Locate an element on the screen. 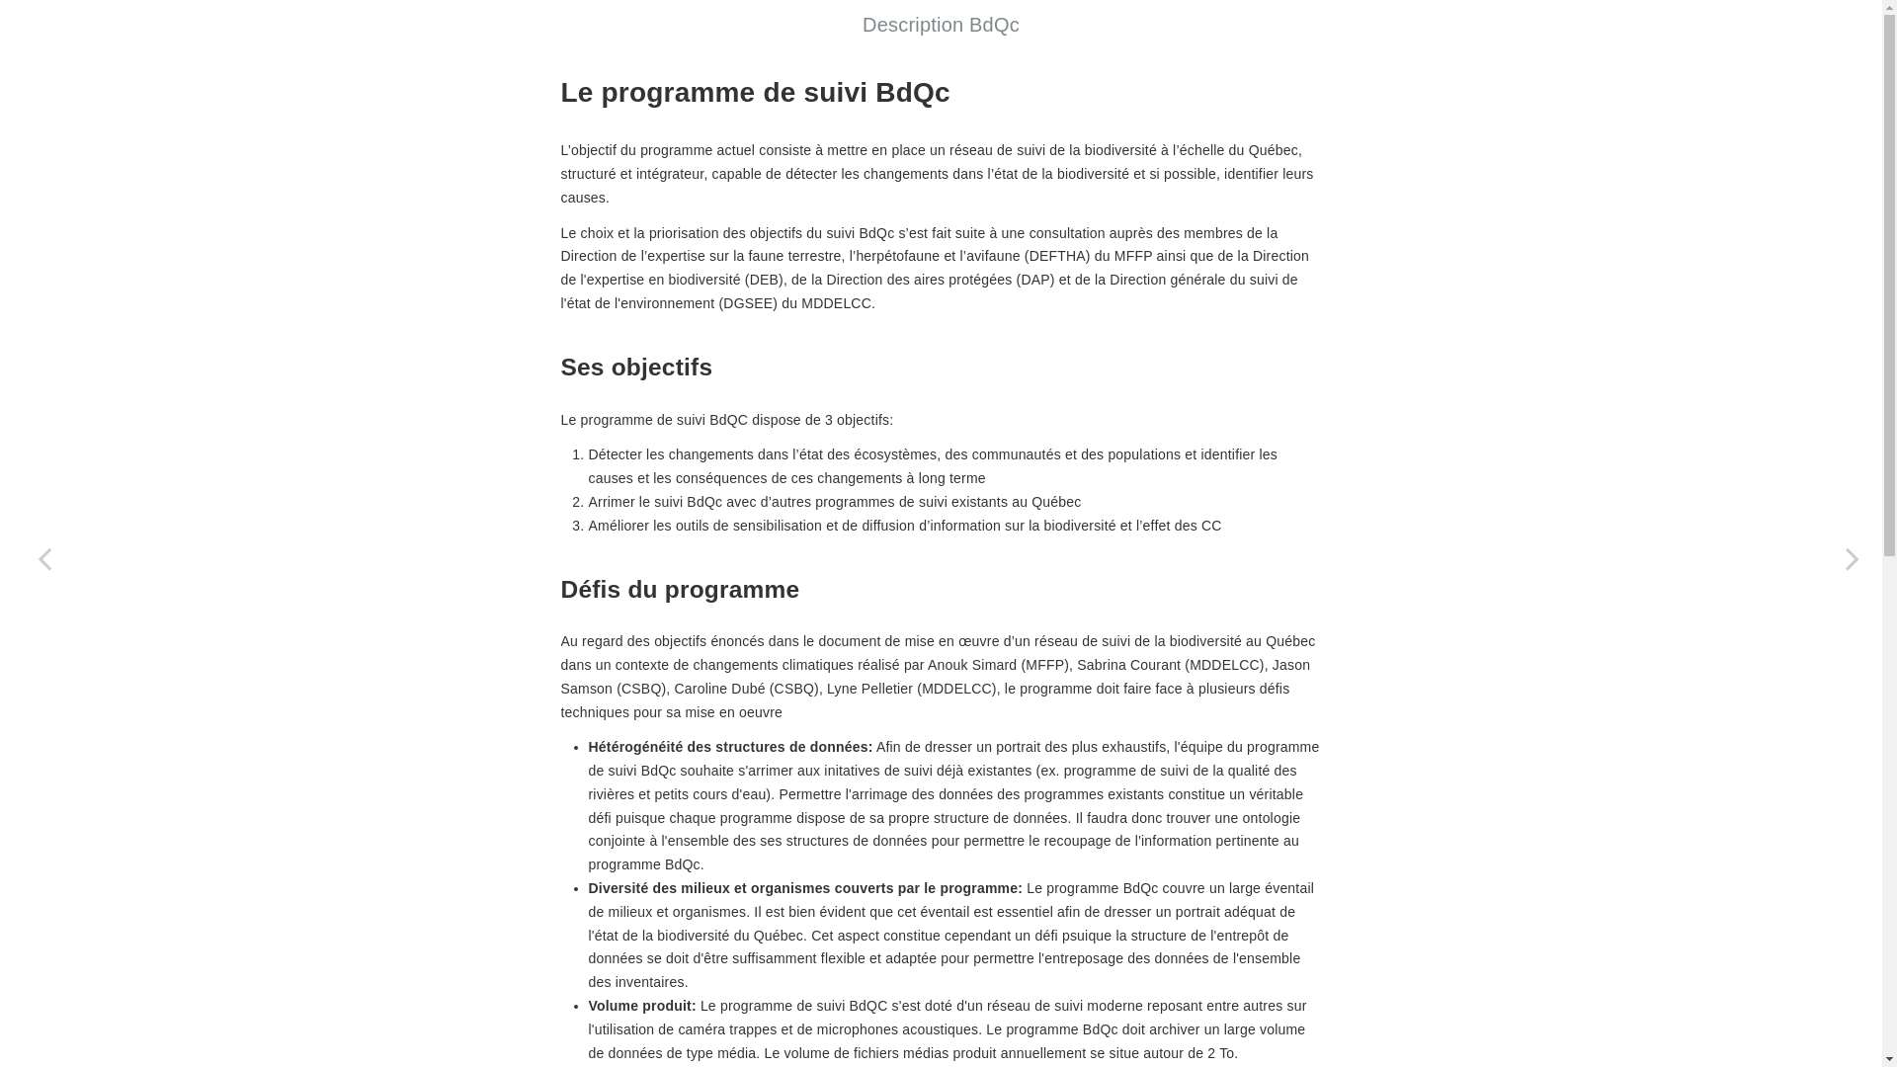 The width and height of the screenshot is (1897, 1067). 'Description BdQc' is located at coordinates (863, 24).